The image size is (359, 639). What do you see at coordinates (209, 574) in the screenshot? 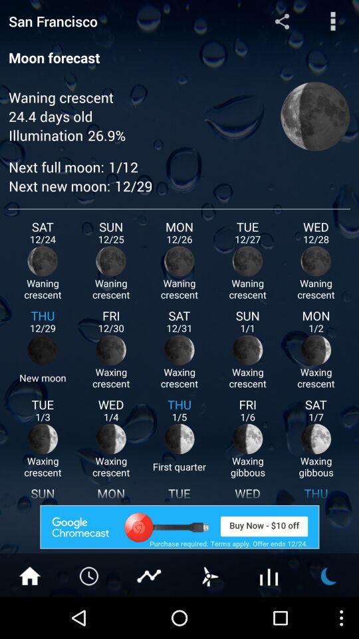
I see `switch pages` at bounding box center [209, 574].